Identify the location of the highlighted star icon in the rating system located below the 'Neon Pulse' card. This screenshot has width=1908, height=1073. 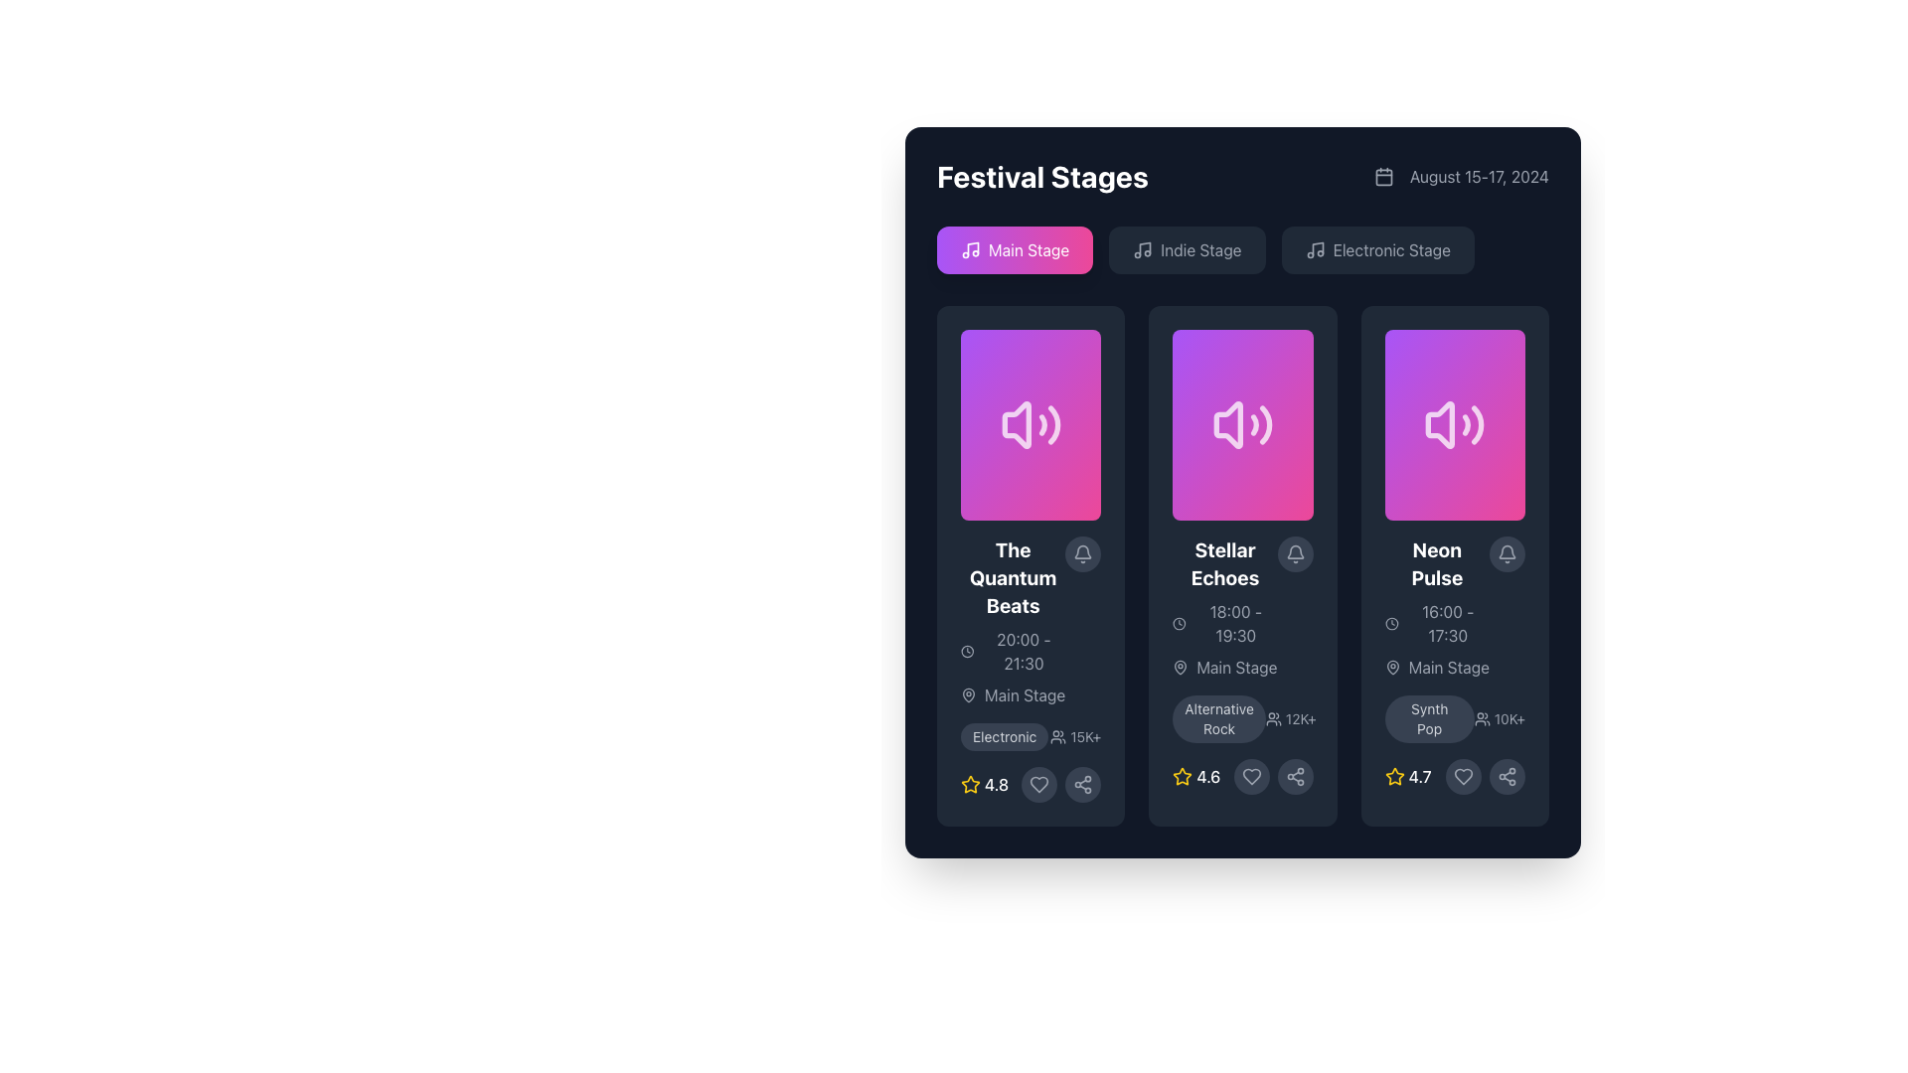
(1393, 775).